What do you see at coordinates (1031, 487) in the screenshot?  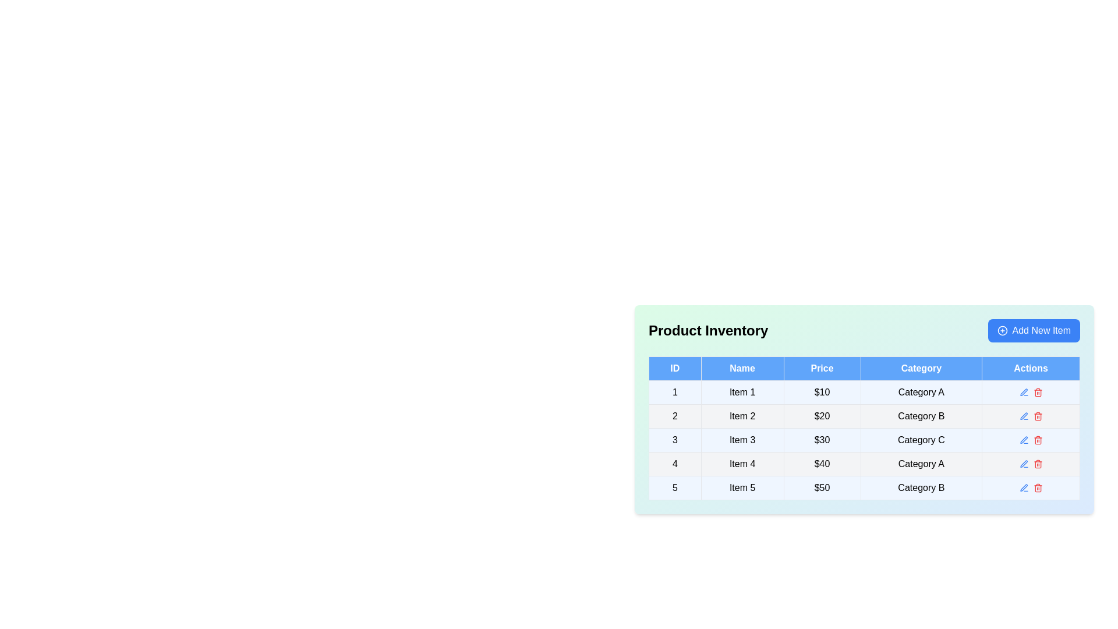 I see `the red trash bin icon located in the Actions column of the last row ('Item 5') in the table` at bounding box center [1031, 487].